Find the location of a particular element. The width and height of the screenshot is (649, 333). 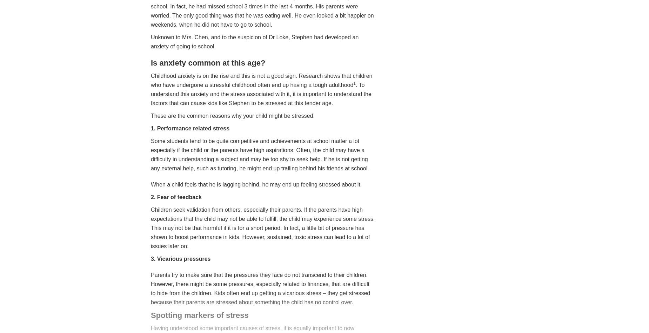

'These are the common reasons why your child might be stressed:' is located at coordinates (150, 115).